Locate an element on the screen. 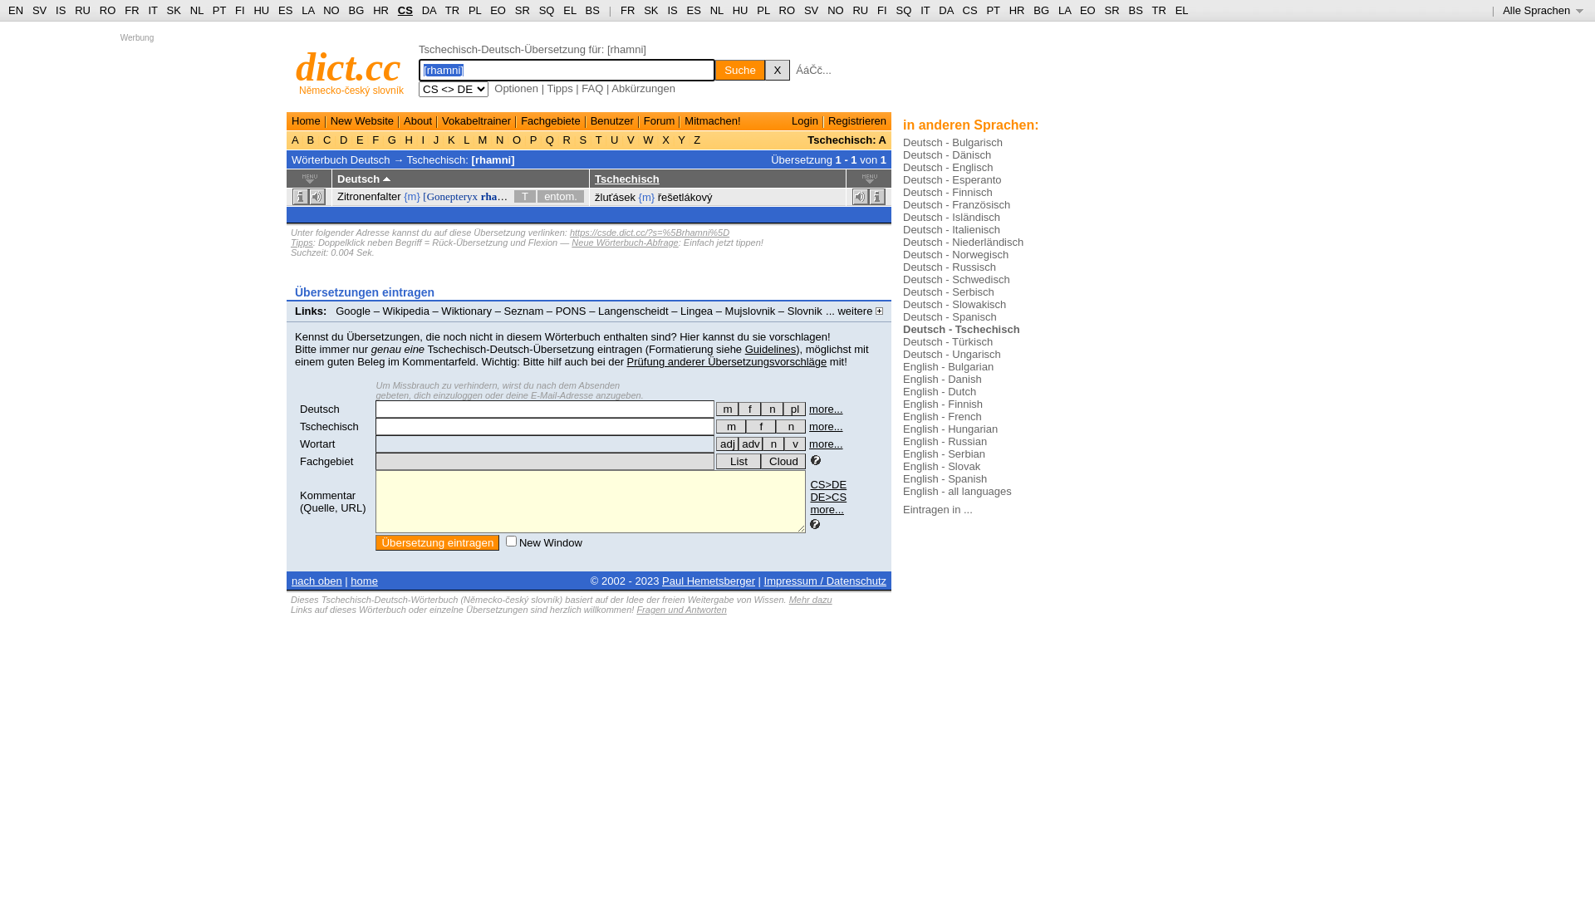 This screenshot has width=1595, height=897. 'more...' is located at coordinates (809, 443).